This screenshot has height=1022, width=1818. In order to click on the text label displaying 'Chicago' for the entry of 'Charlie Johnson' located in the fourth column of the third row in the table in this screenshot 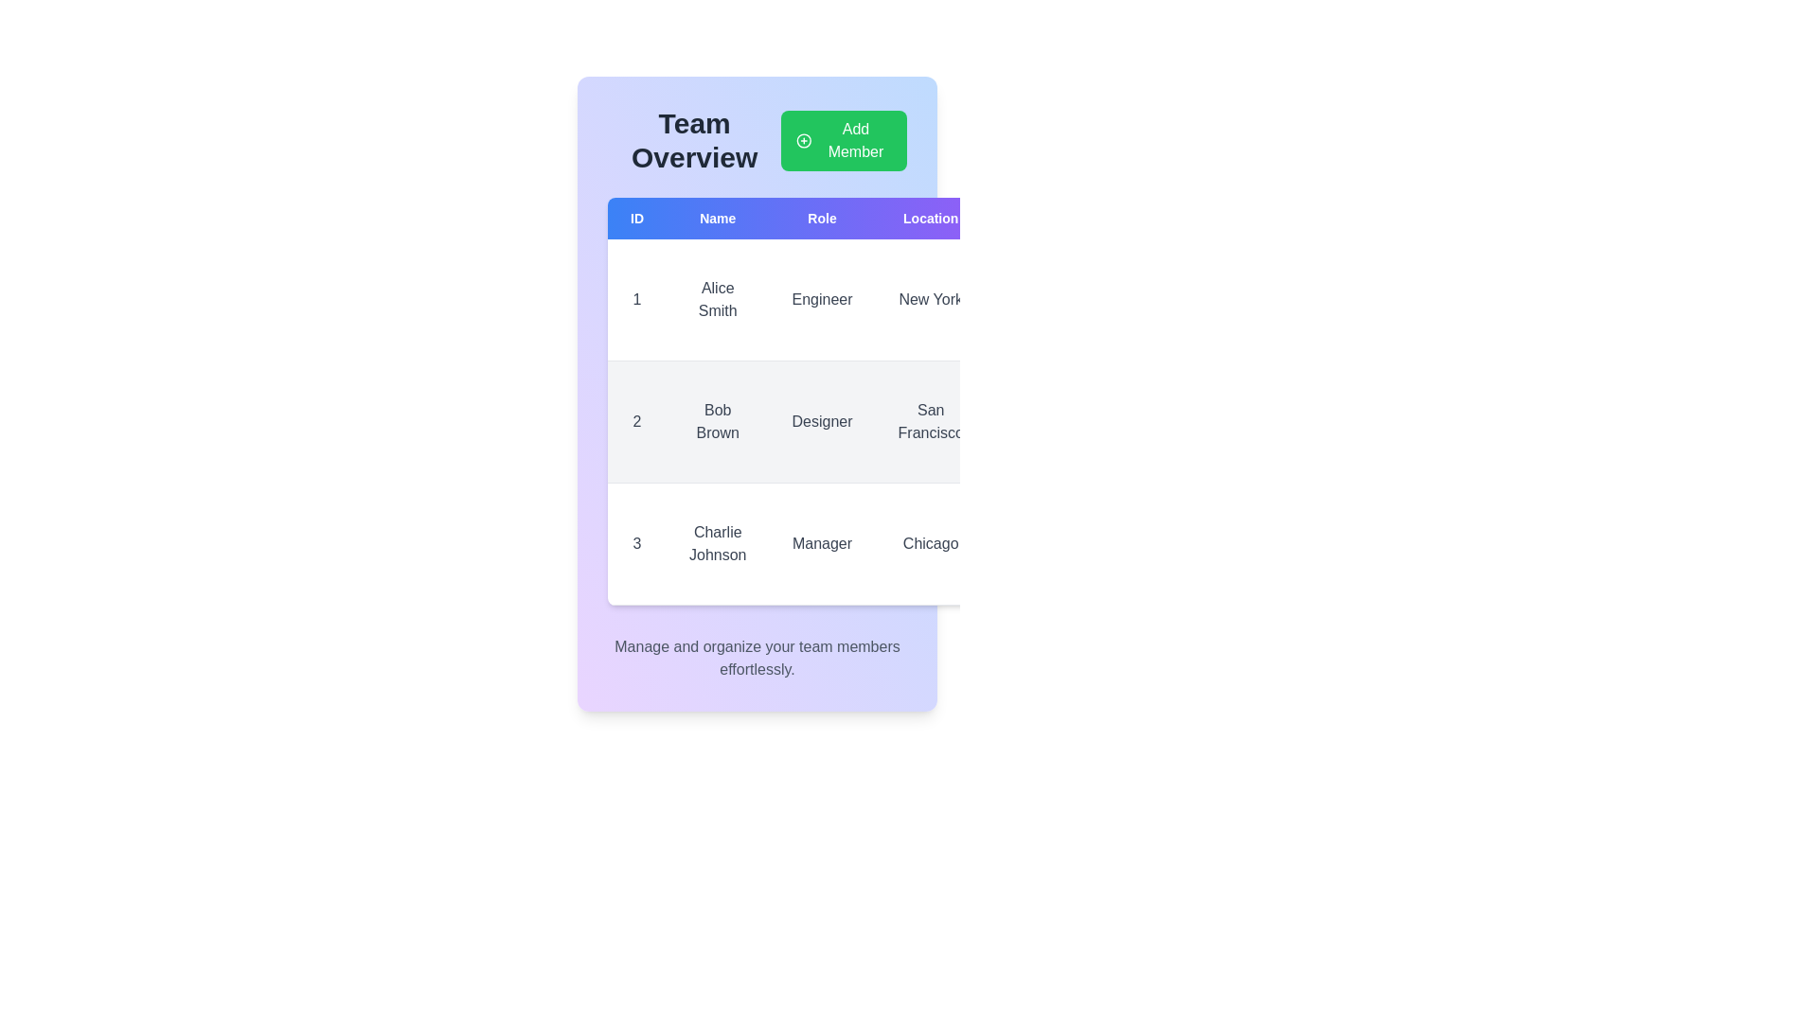, I will do `click(931, 543)`.